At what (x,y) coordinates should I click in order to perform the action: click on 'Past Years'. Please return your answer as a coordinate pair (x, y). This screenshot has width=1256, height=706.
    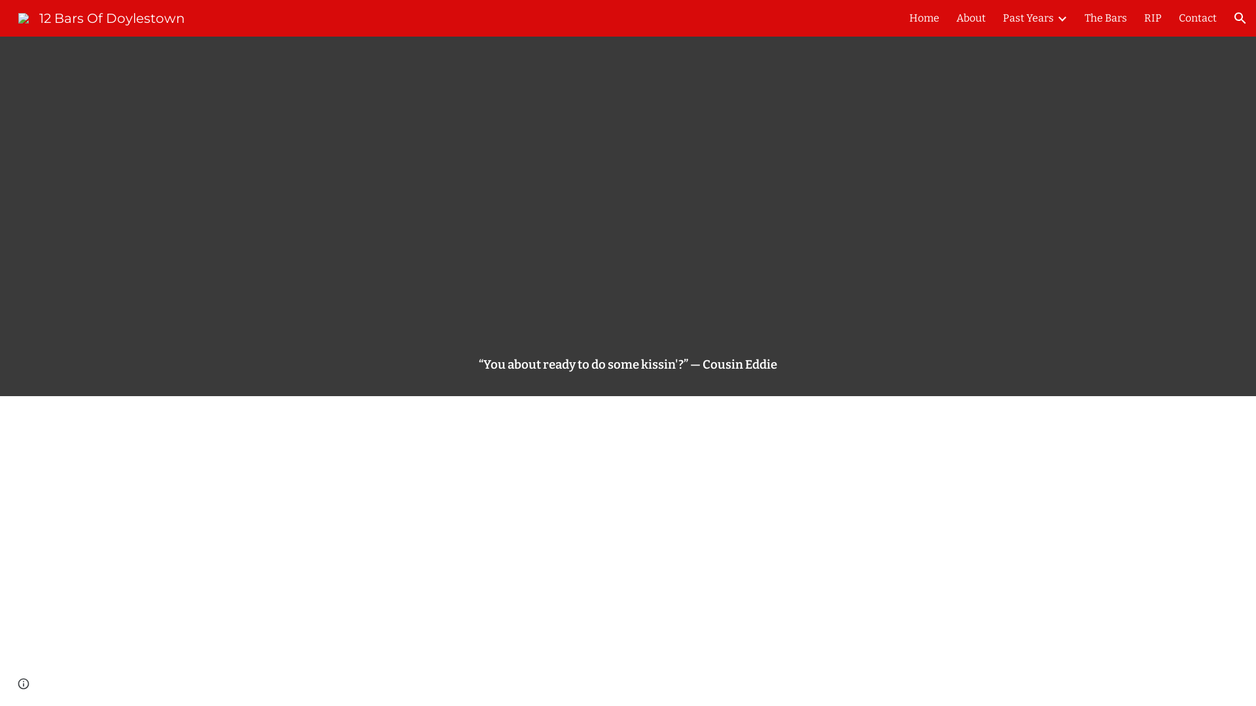
    Looking at the image, I should click on (1028, 18).